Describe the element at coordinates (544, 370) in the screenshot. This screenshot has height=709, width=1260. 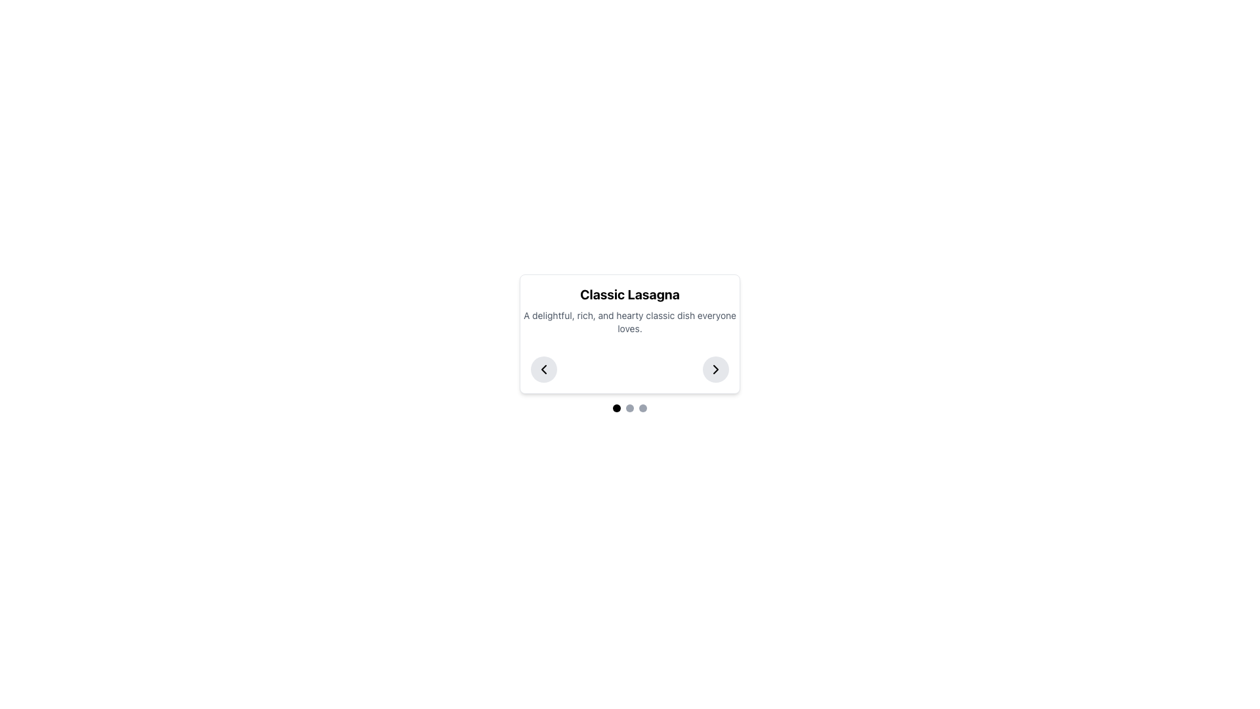
I see `the circular button containing the left-pointing arrow icon located at the bottom left corner of the card interface` at that location.